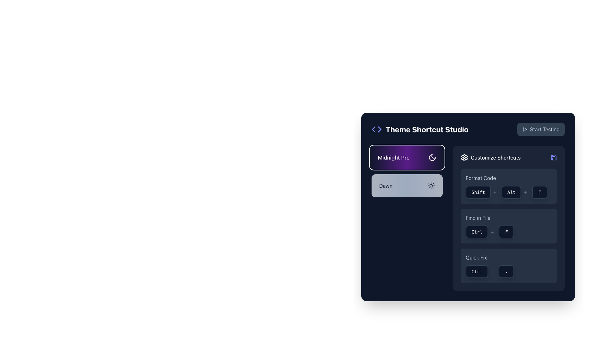  What do you see at coordinates (427, 129) in the screenshot?
I see `the text label displaying 'Theme Shortcut Studio', which is a bold white font on a dark background, positioned near the top center of the interface` at bounding box center [427, 129].